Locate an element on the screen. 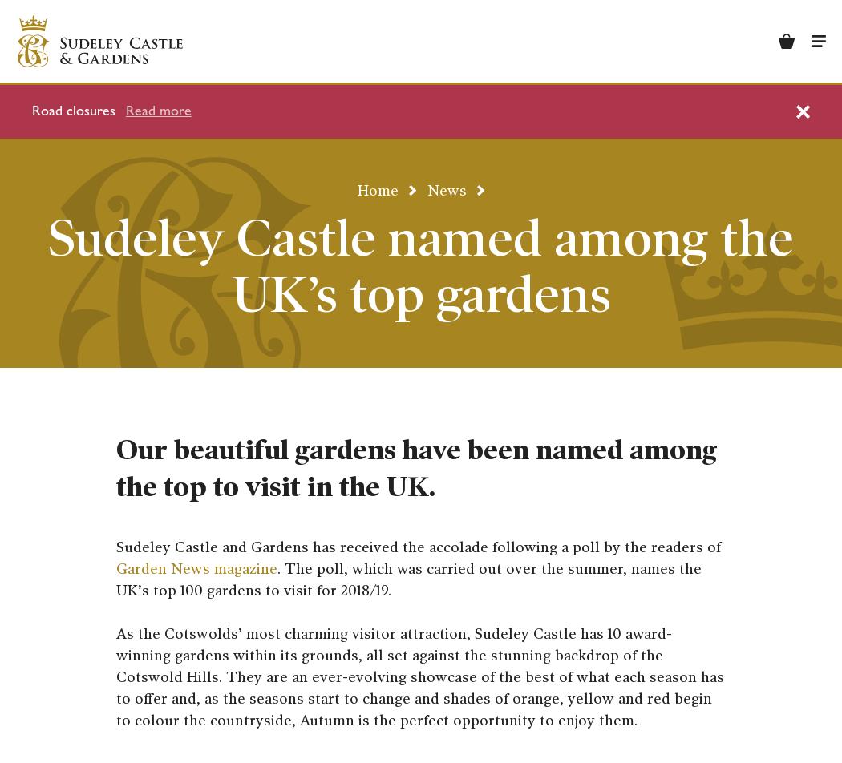 This screenshot has width=842, height=763. 'Sudeley Castle and Gardens has received the accolade following a poll by the readers of' is located at coordinates (417, 547).